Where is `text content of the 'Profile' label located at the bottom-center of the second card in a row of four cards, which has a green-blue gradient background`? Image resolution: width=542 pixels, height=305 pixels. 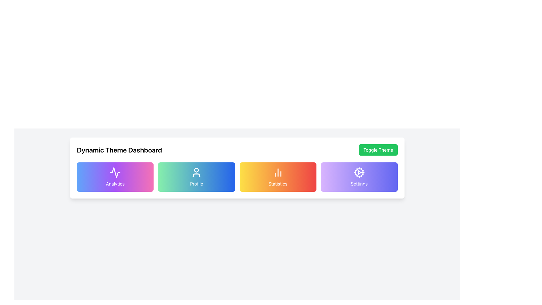 text content of the 'Profile' label located at the bottom-center of the second card in a row of four cards, which has a green-blue gradient background is located at coordinates (196, 184).